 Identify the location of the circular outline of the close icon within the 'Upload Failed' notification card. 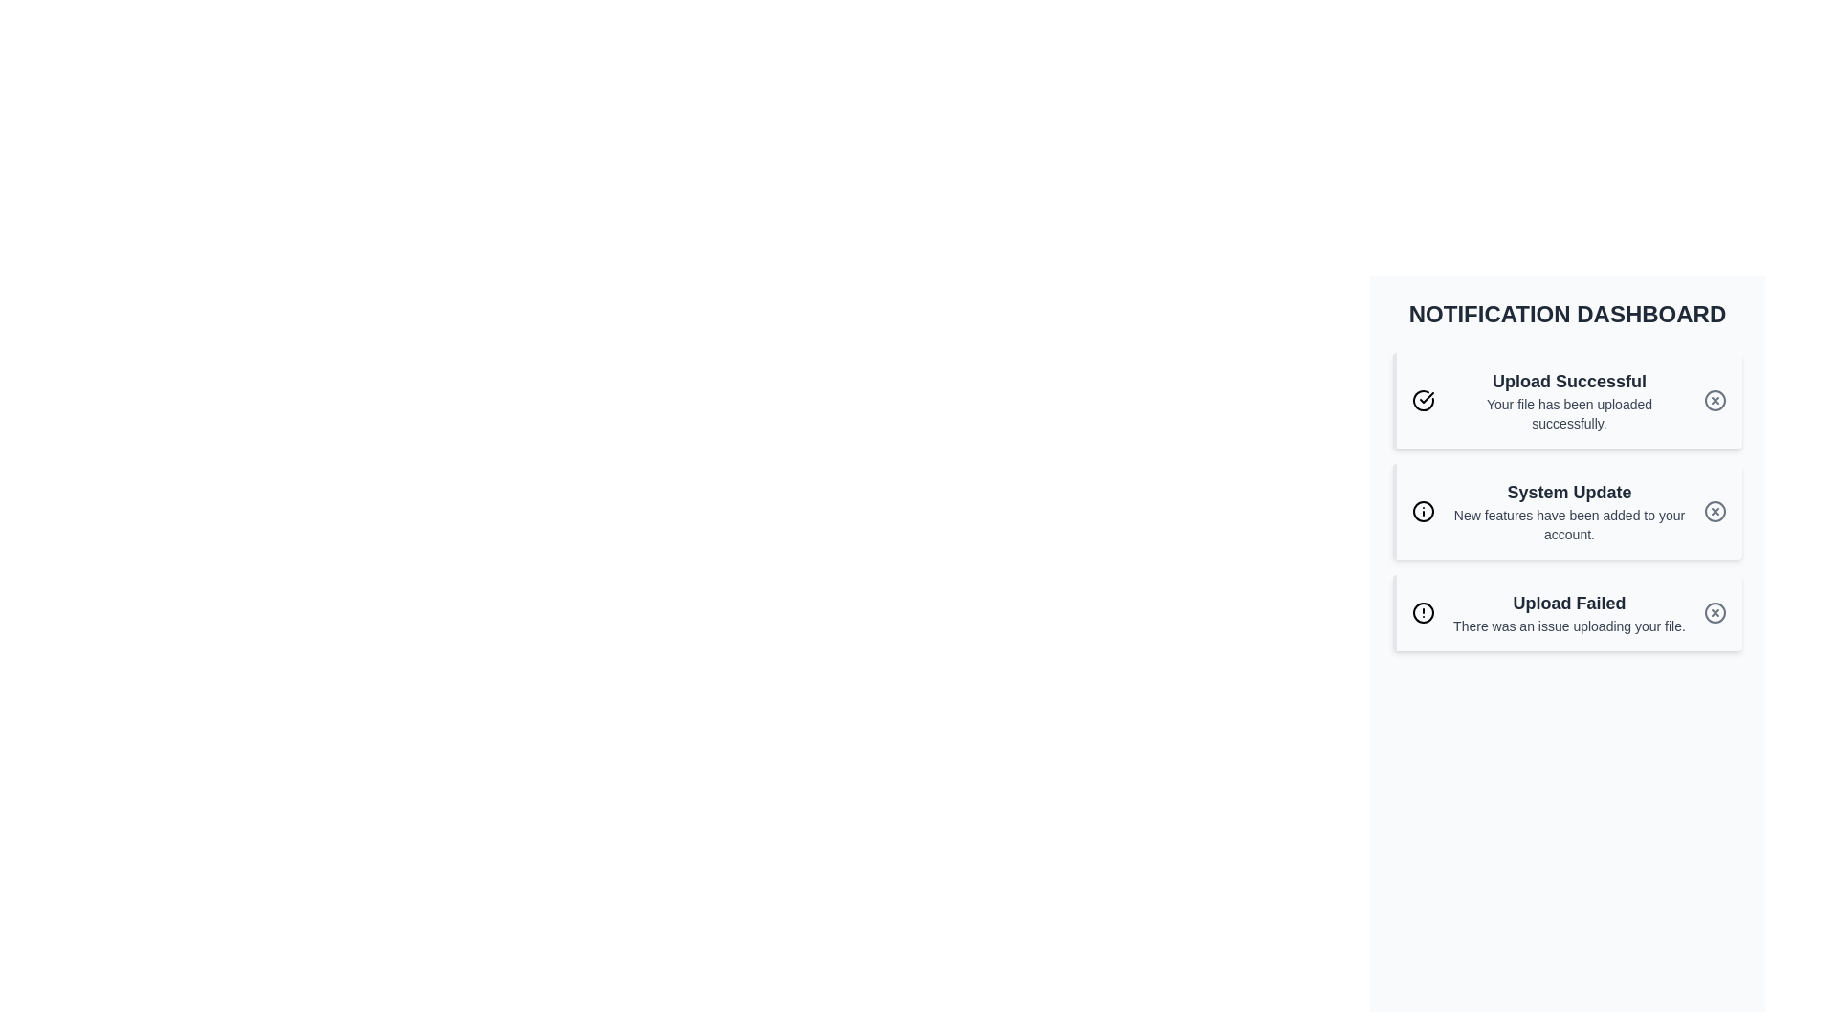
(1715, 612).